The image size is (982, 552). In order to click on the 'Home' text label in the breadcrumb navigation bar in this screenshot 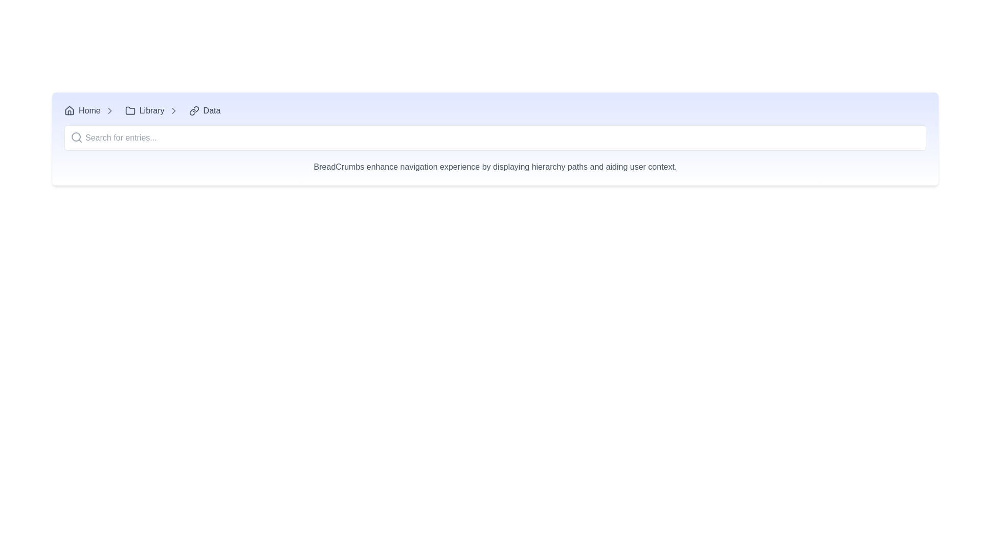, I will do `click(90, 110)`.